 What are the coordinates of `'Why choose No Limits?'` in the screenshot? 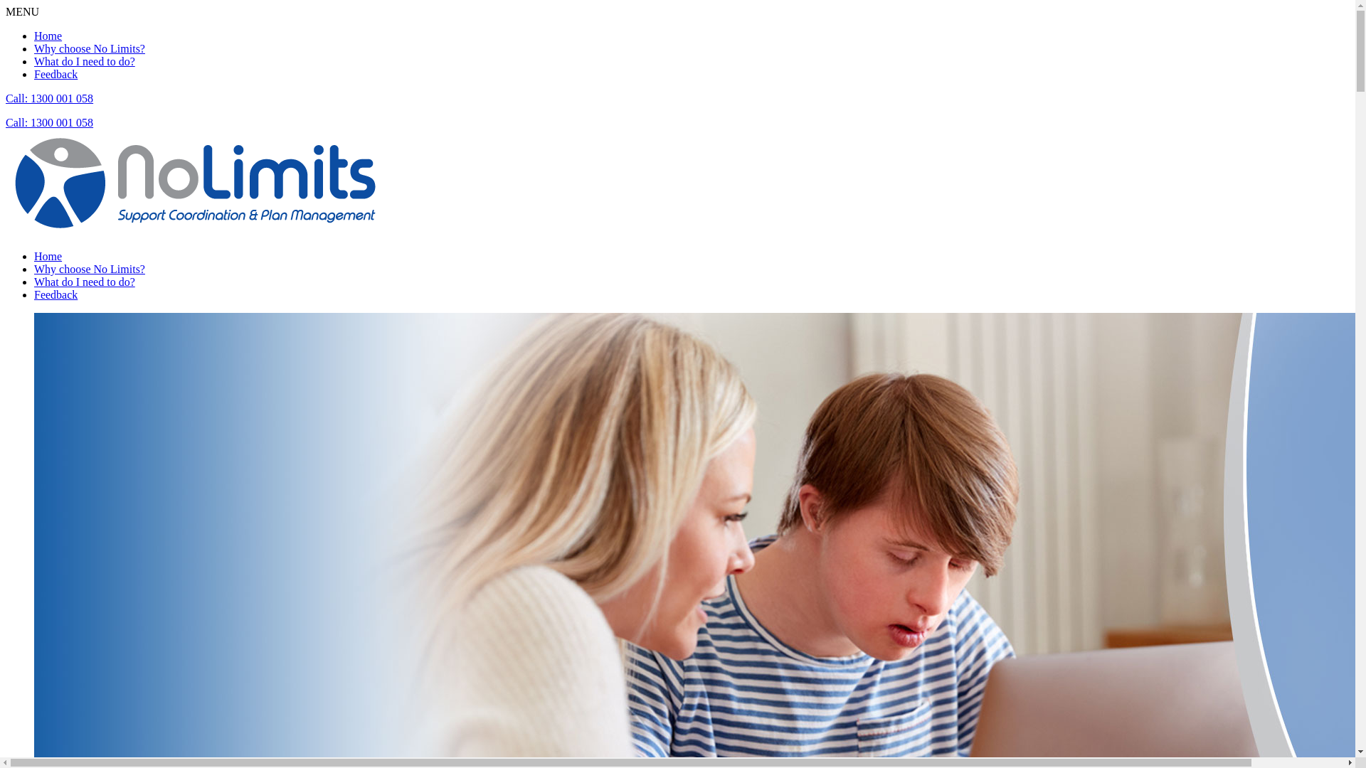 It's located at (88, 48).